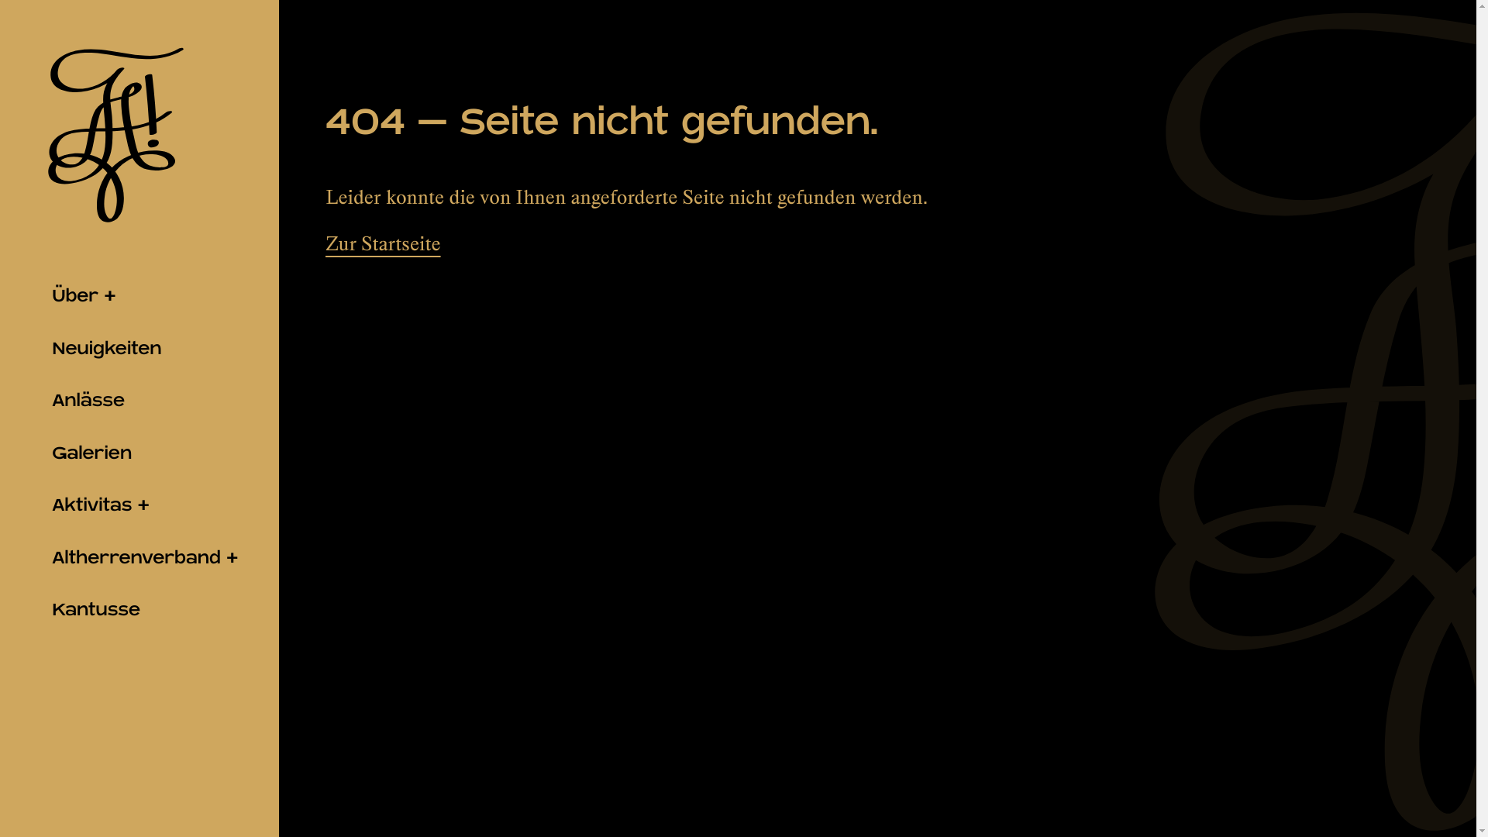 This screenshot has width=1488, height=837. What do you see at coordinates (139, 453) in the screenshot?
I see `'Galerien'` at bounding box center [139, 453].